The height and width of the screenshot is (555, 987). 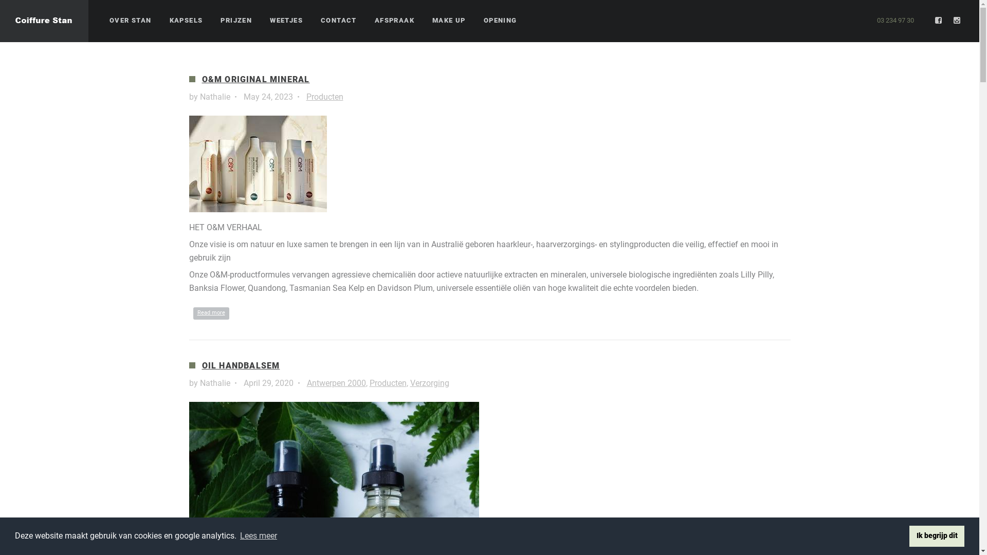 I want to click on 'Read more, so click(x=211, y=312).